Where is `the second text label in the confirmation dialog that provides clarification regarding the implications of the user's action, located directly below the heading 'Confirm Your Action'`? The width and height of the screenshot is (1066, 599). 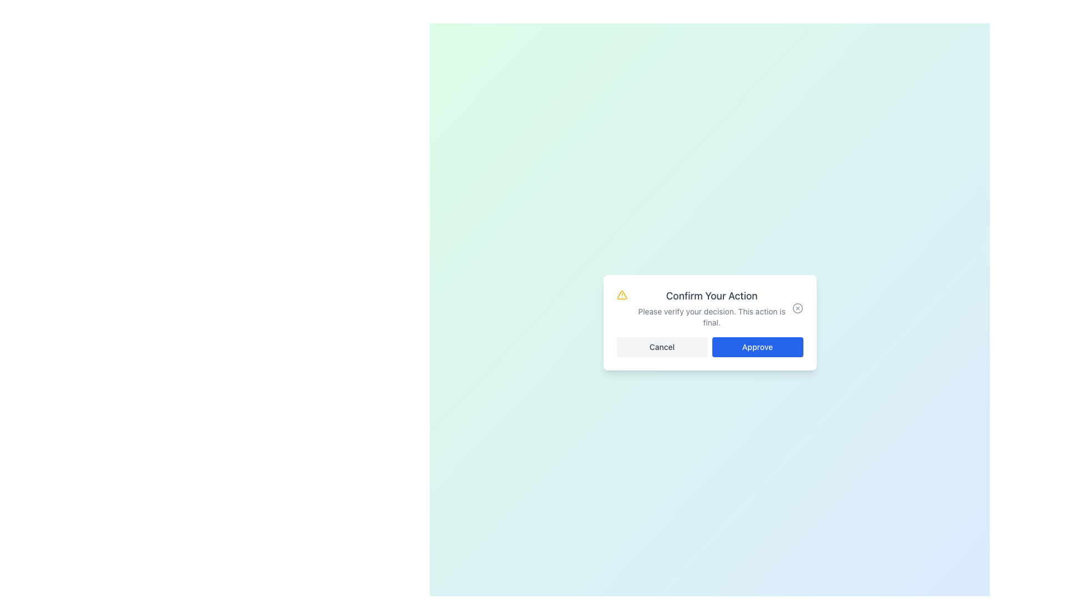
the second text label in the confirmation dialog that provides clarification regarding the implications of the user's action, located directly below the heading 'Confirm Your Action' is located at coordinates (712, 317).